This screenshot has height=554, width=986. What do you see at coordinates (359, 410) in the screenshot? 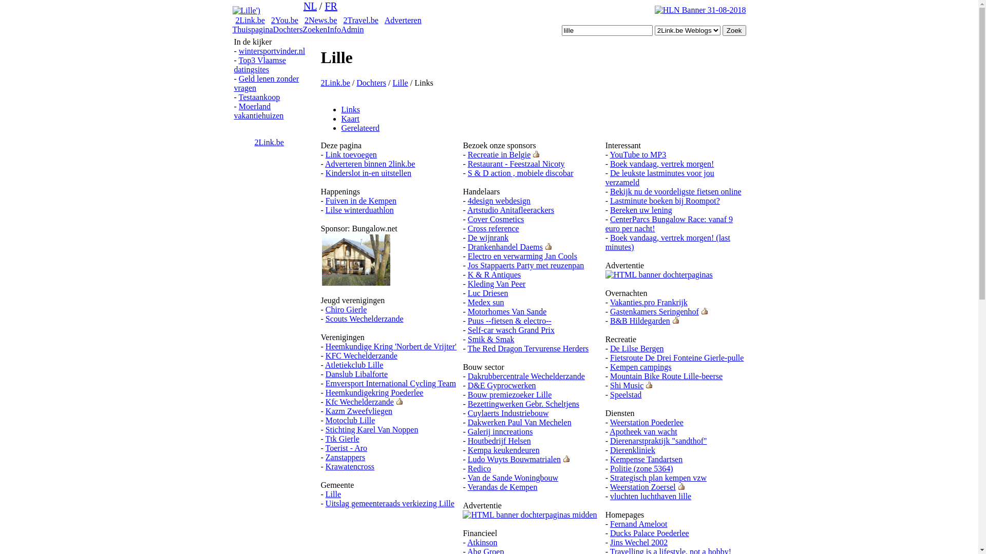
I see `'Kazm Zweefvliegen'` at bounding box center [359, 410].